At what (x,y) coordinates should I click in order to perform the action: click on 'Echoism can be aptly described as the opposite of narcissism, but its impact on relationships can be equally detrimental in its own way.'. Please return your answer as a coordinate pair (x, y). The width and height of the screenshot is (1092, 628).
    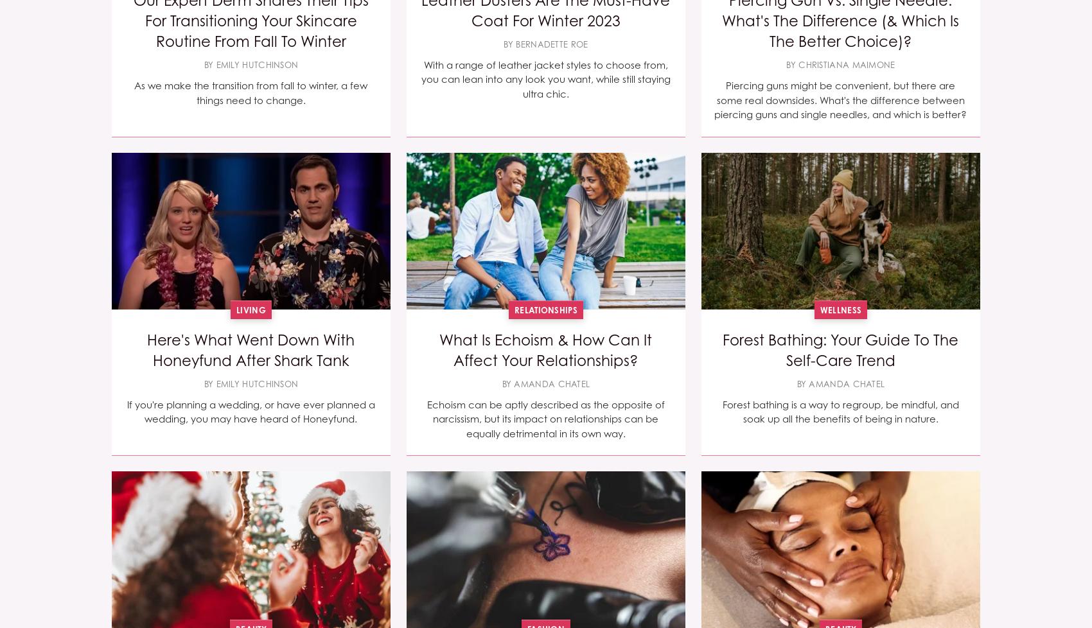
    Looking at the image, I should click on (544, 419).